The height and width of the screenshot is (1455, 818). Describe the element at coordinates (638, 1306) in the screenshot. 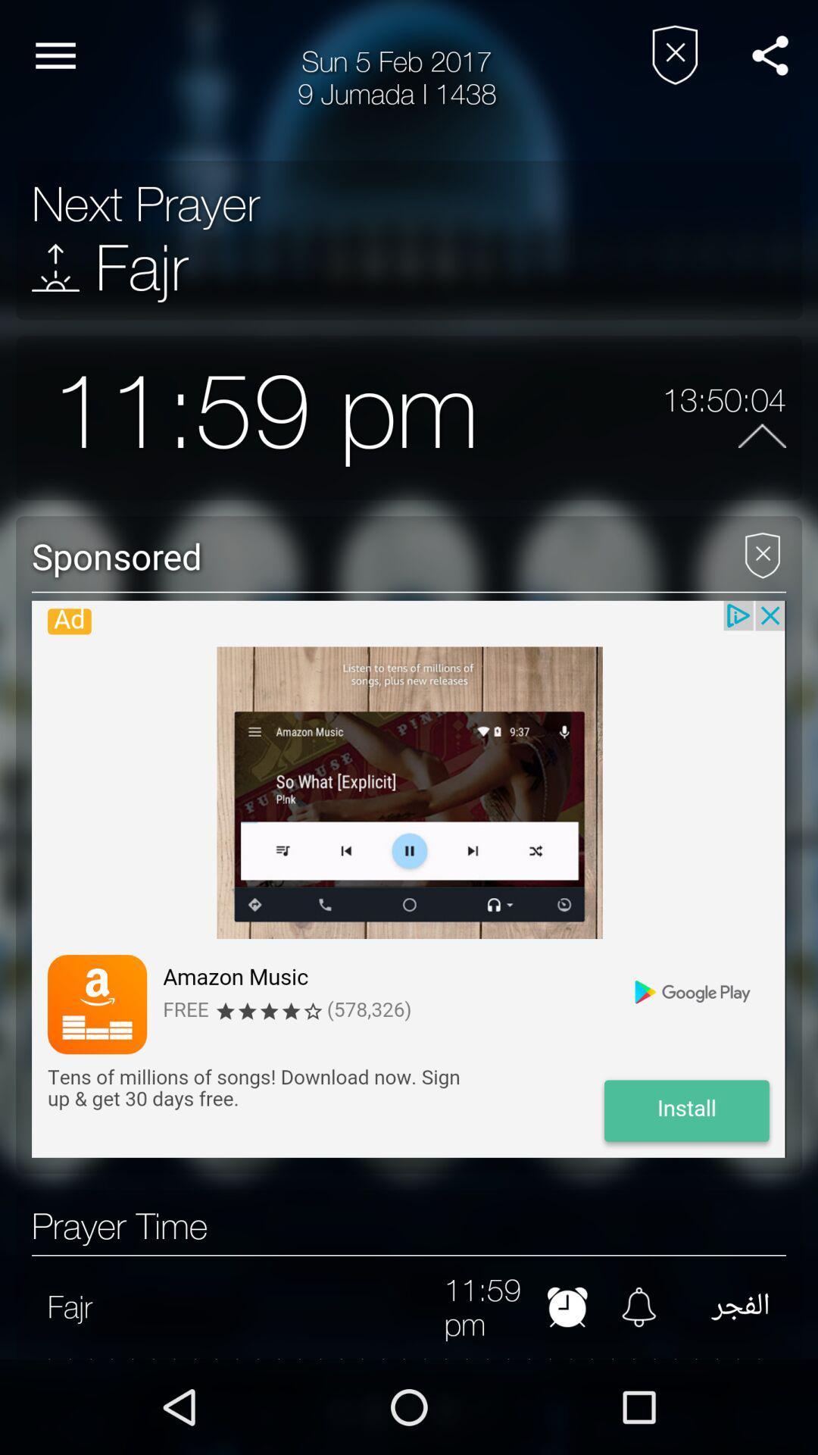

I see `click notification icon` at that location.